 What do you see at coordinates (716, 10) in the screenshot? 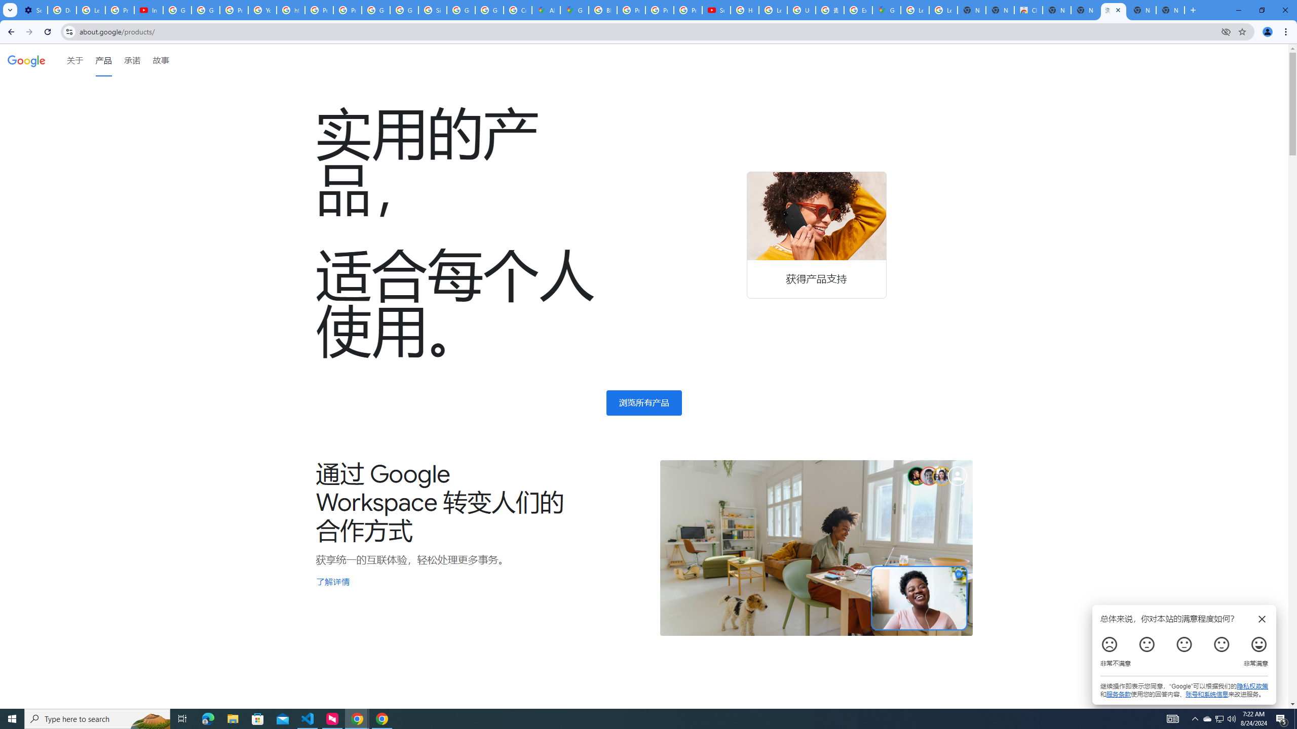
I see `'Subscriptions - YouTube'` at bounding box center [716, 10].